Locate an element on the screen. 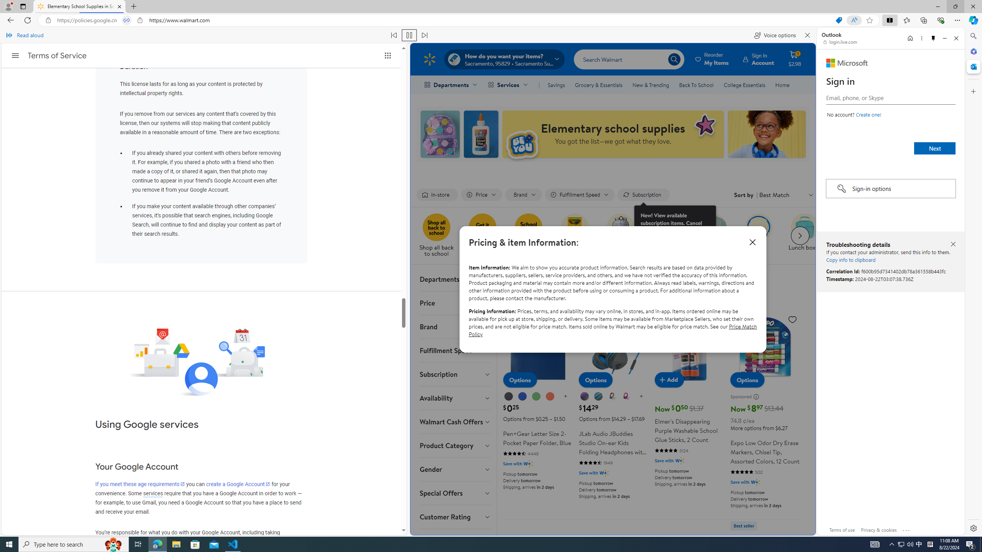 The height and width of the screenshot is (552, 982). 'Enter your email, phone, or Skype.' is located at coordinates (890, 97).